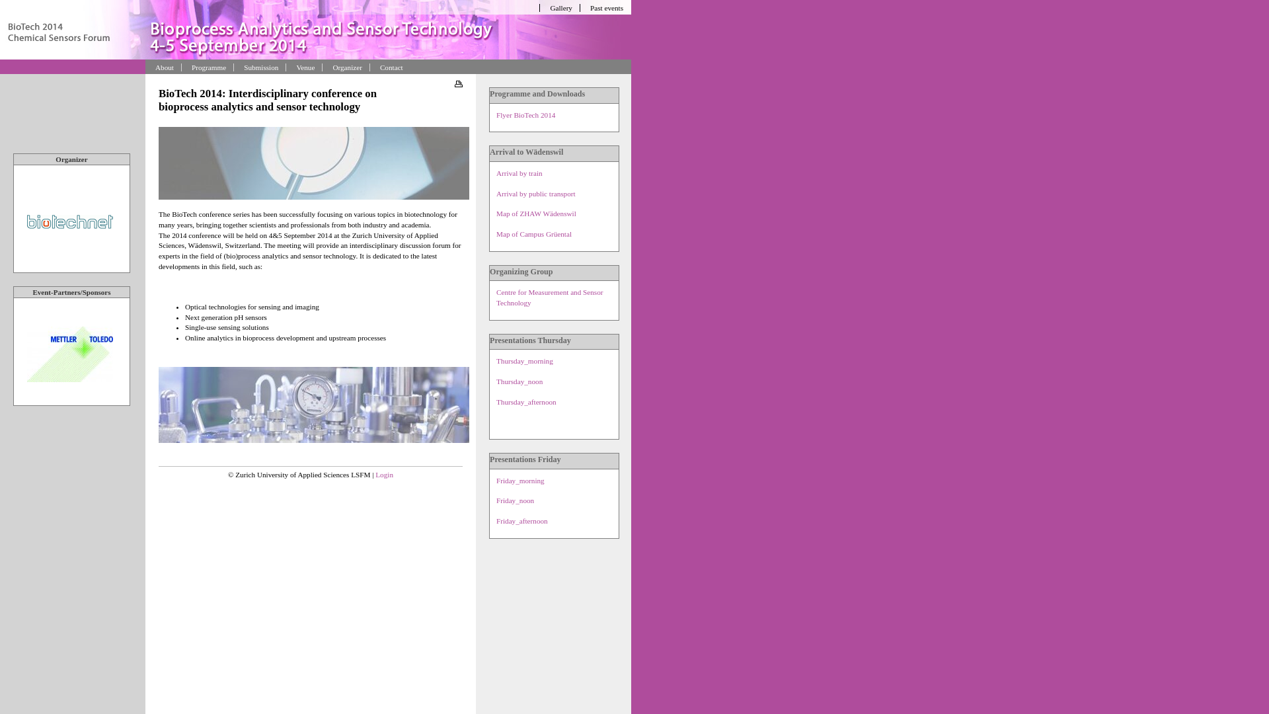 The image size is (1269, 714). Describe the element at coordinates (495, 401) in the screenshot. I see `'Thursday_afternoon'` at that location.